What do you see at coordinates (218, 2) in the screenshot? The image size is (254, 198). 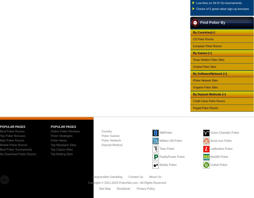 I see `'Low fees on Sit N' Go tournaments'` at bounding box center [218, 2].